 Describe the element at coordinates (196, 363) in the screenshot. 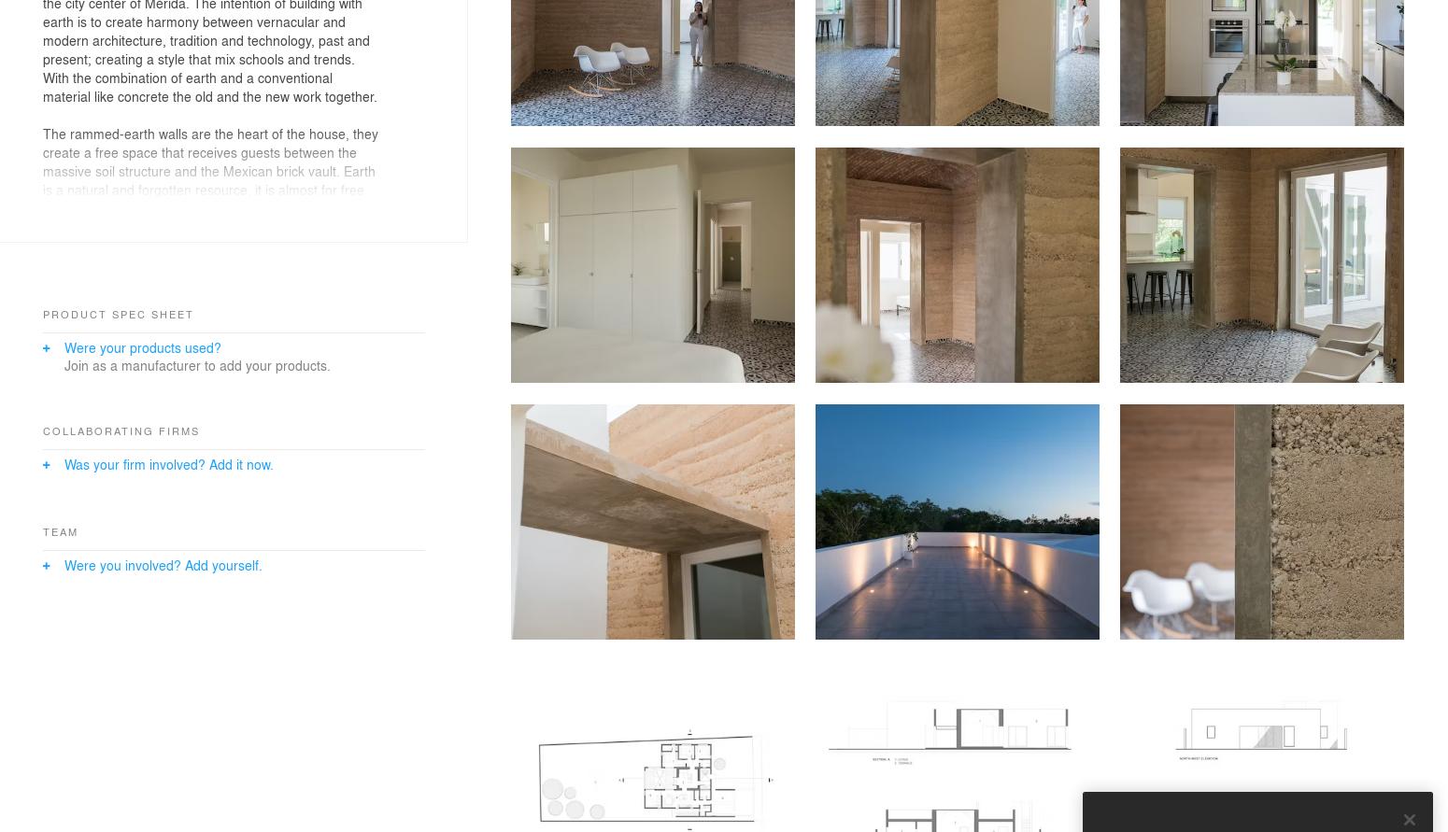

I see `'Join as a manufacturer to add your products.'` at that location.